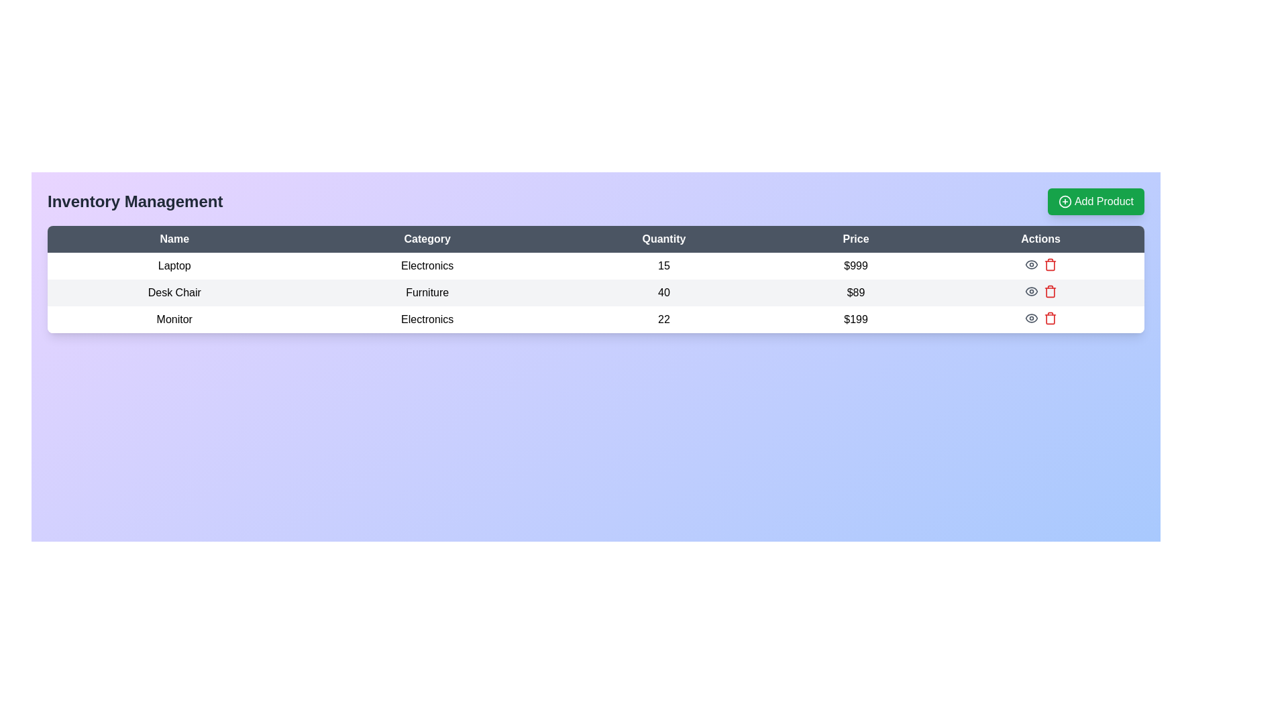 The height and width of the screenshot is (724, 1288). What do you see at coordinates (595, 320) in the screenshot?
I see `the last row in the Inventory Management table, which contains the fields 'Monitor', 'Electronics', '22', and '$199'` at bounding box center [595, 320].